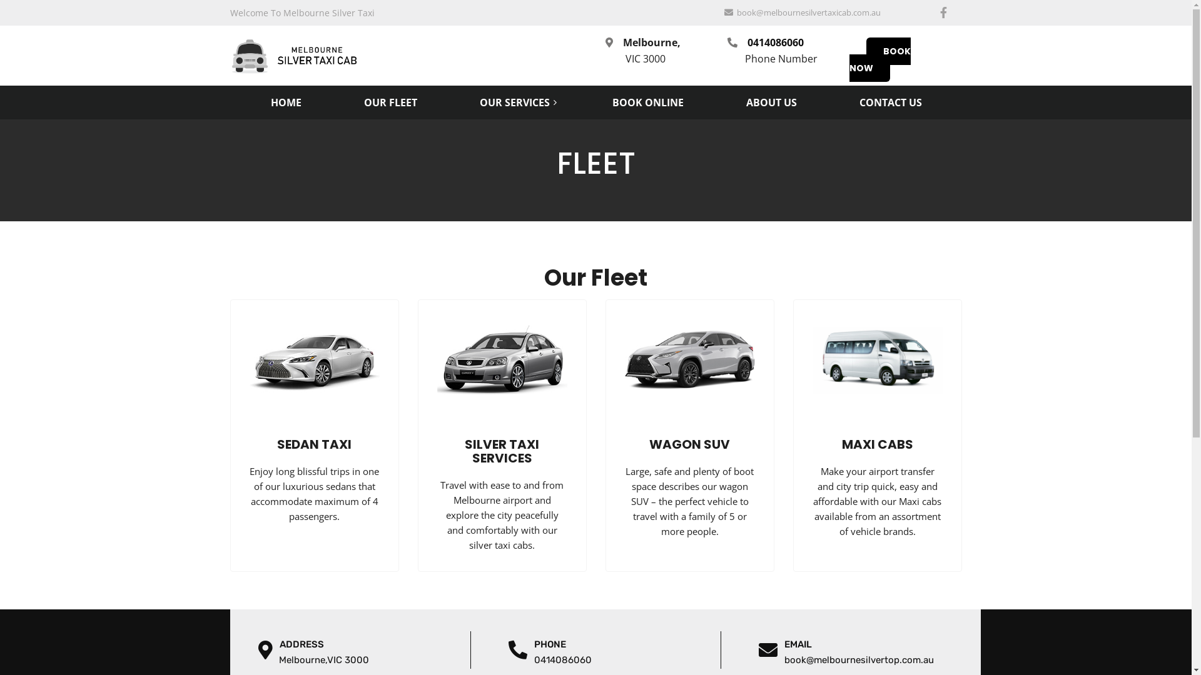 The width and height of the screenshot is (1201, 675). What do you see at coordinates (889, 100) in the screenshot?
I see `'CONTACT US'` at bounding box center [889, 100].